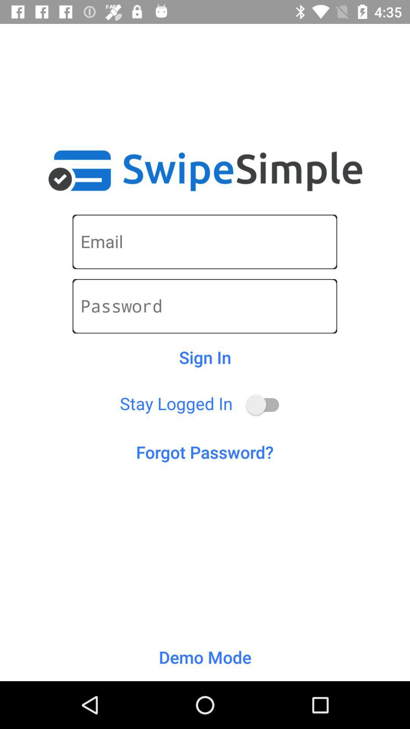 The width and height of the screenshot is (410, 729). Describe the element at coordinates (266, 404) in the screenshot. I see `logged in option` at that location.